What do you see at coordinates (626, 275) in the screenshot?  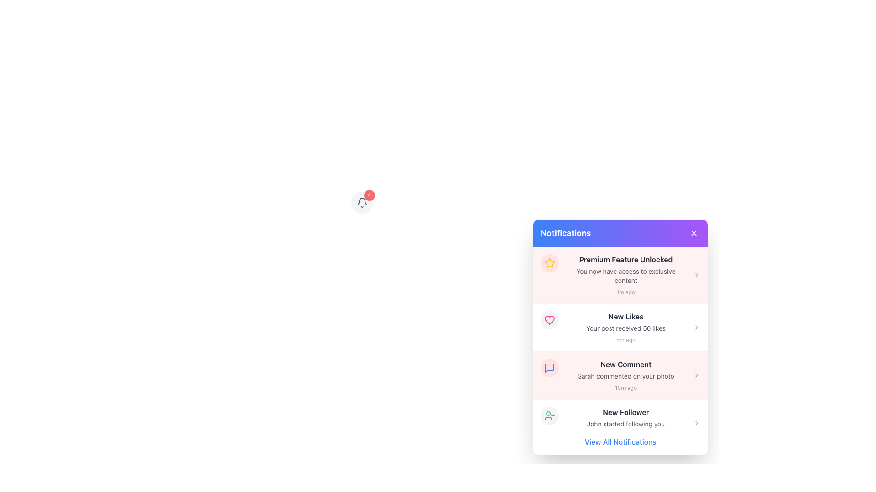 I see `the notification message indicating that a premium feature has been unlocked` at bounding box center [626, 275].